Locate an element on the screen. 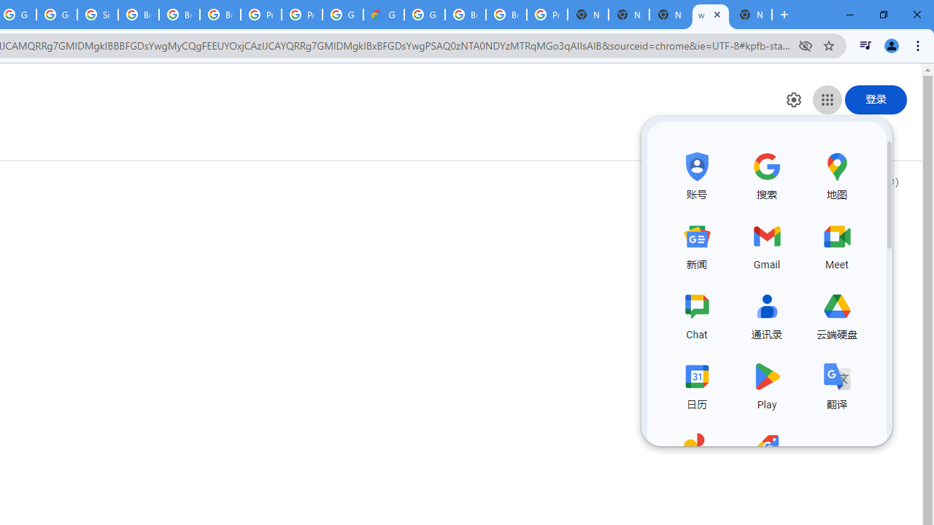 This screenshot has width=934, height=525. 'Google Cloud Estimate Summary' is located at coordinates (384, 15).